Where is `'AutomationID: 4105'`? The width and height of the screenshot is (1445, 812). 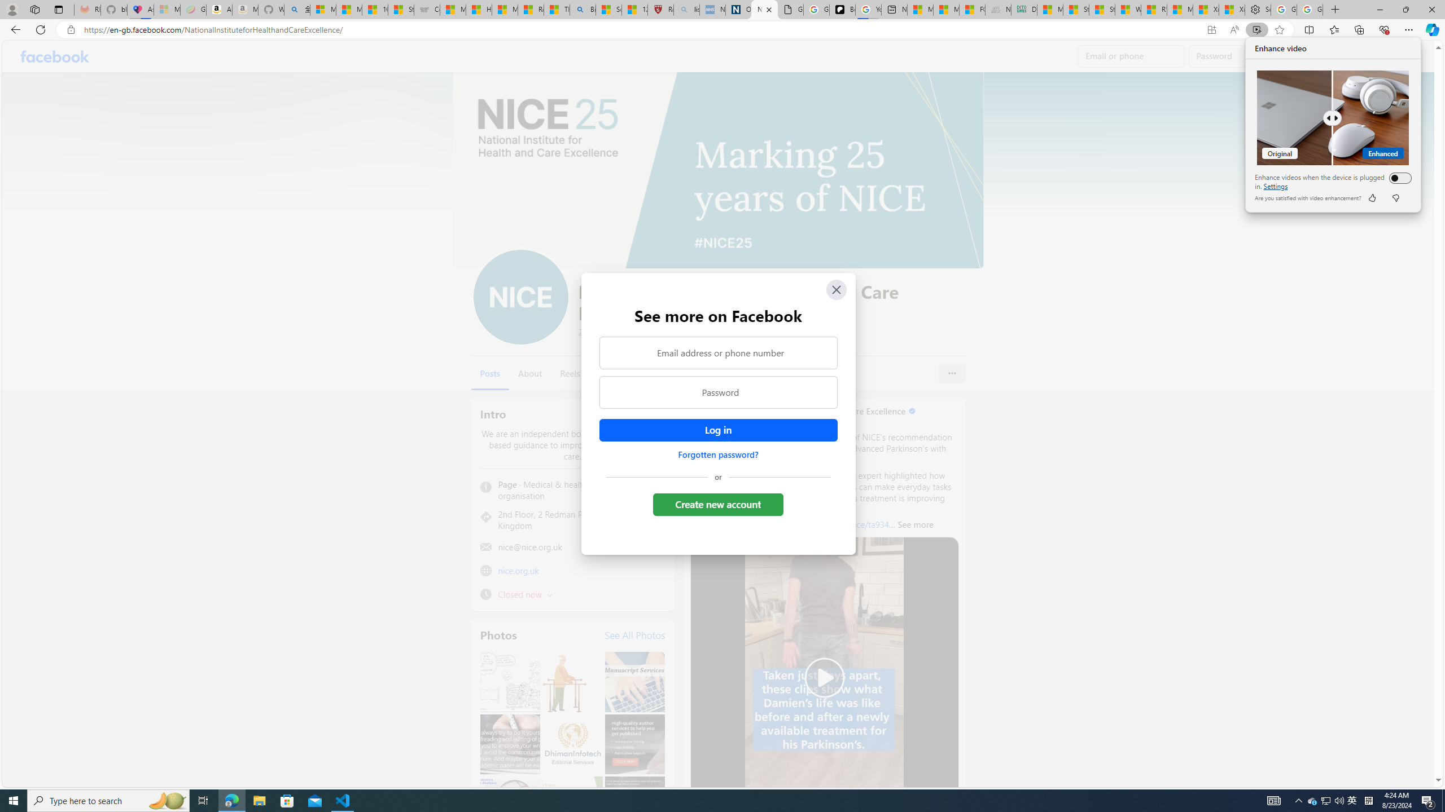
'AutomationID: 4105' is located at coordinates (1273, 800).